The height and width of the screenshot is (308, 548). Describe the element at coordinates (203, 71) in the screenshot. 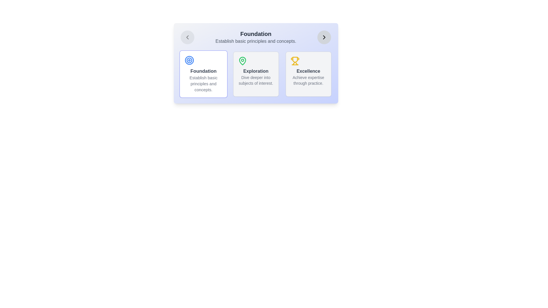

I see `the text label displaying 'Foundation'` at that location.